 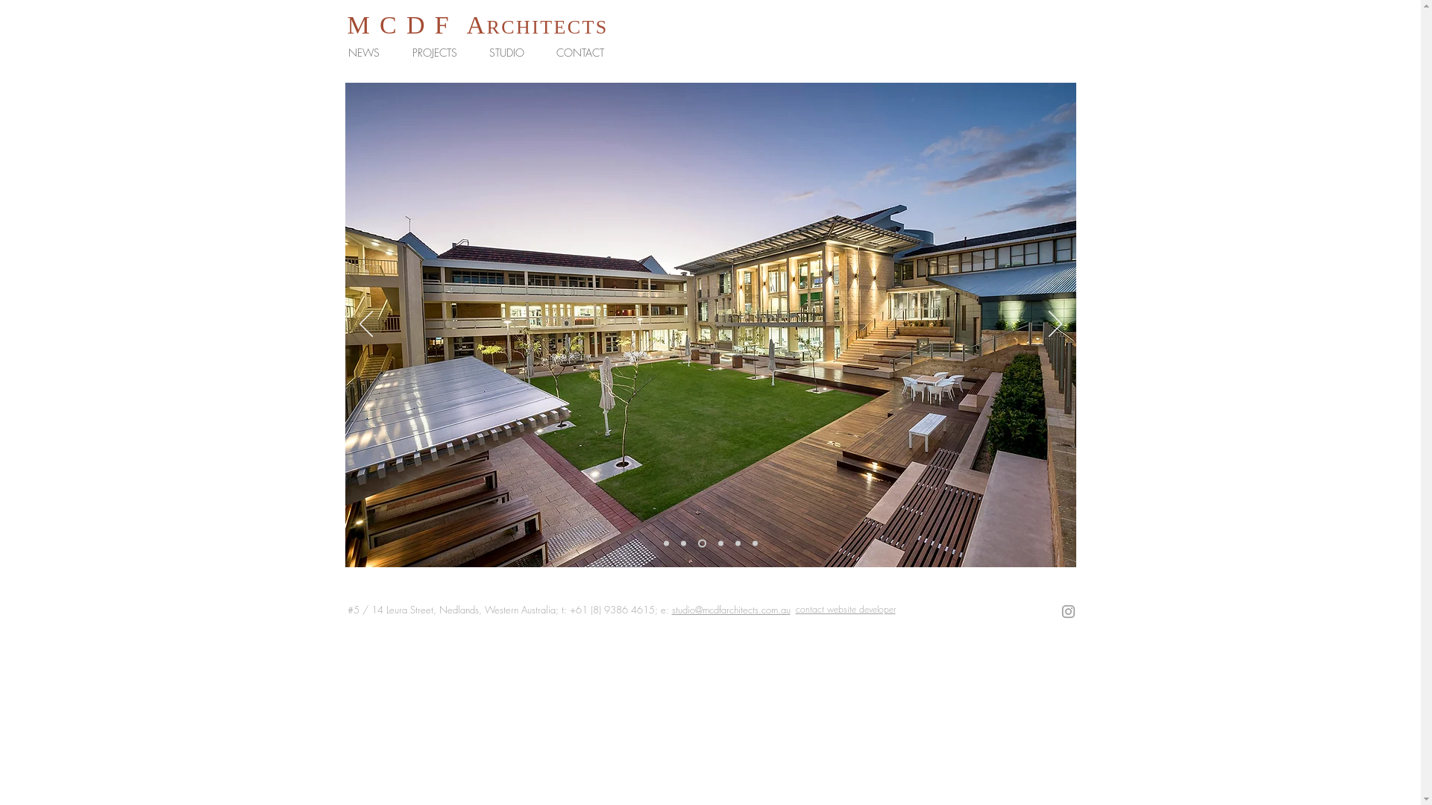 I want to click on 'RCHITECTS', so click(x=486, y=27).